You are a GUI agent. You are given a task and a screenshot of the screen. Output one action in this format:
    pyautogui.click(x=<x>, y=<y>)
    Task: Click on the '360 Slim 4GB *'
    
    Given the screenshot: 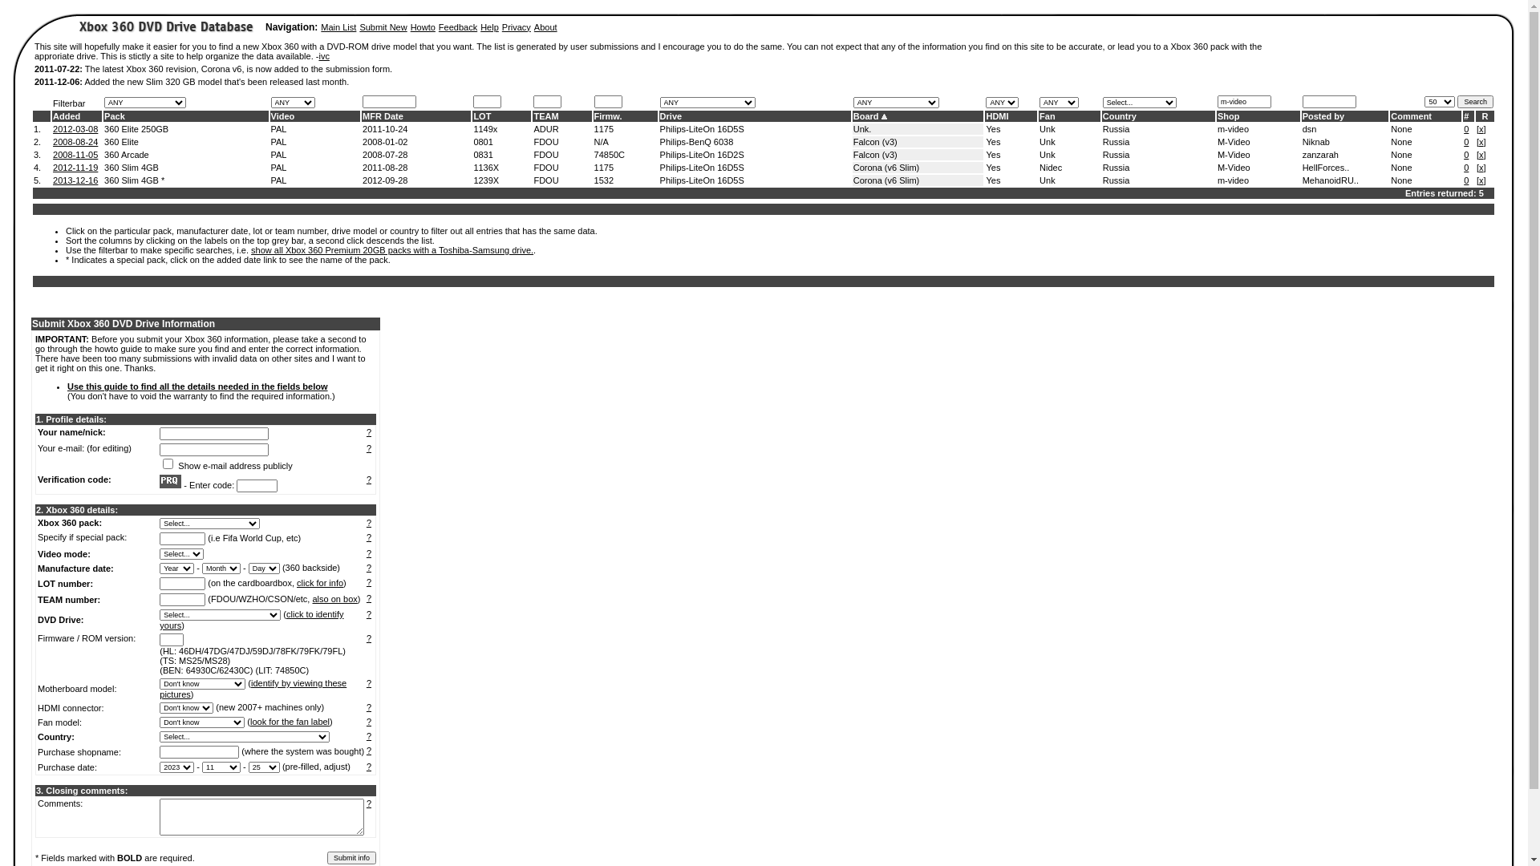 What is the action you would take?
    pyautogui.click(x=134, y=180)
    